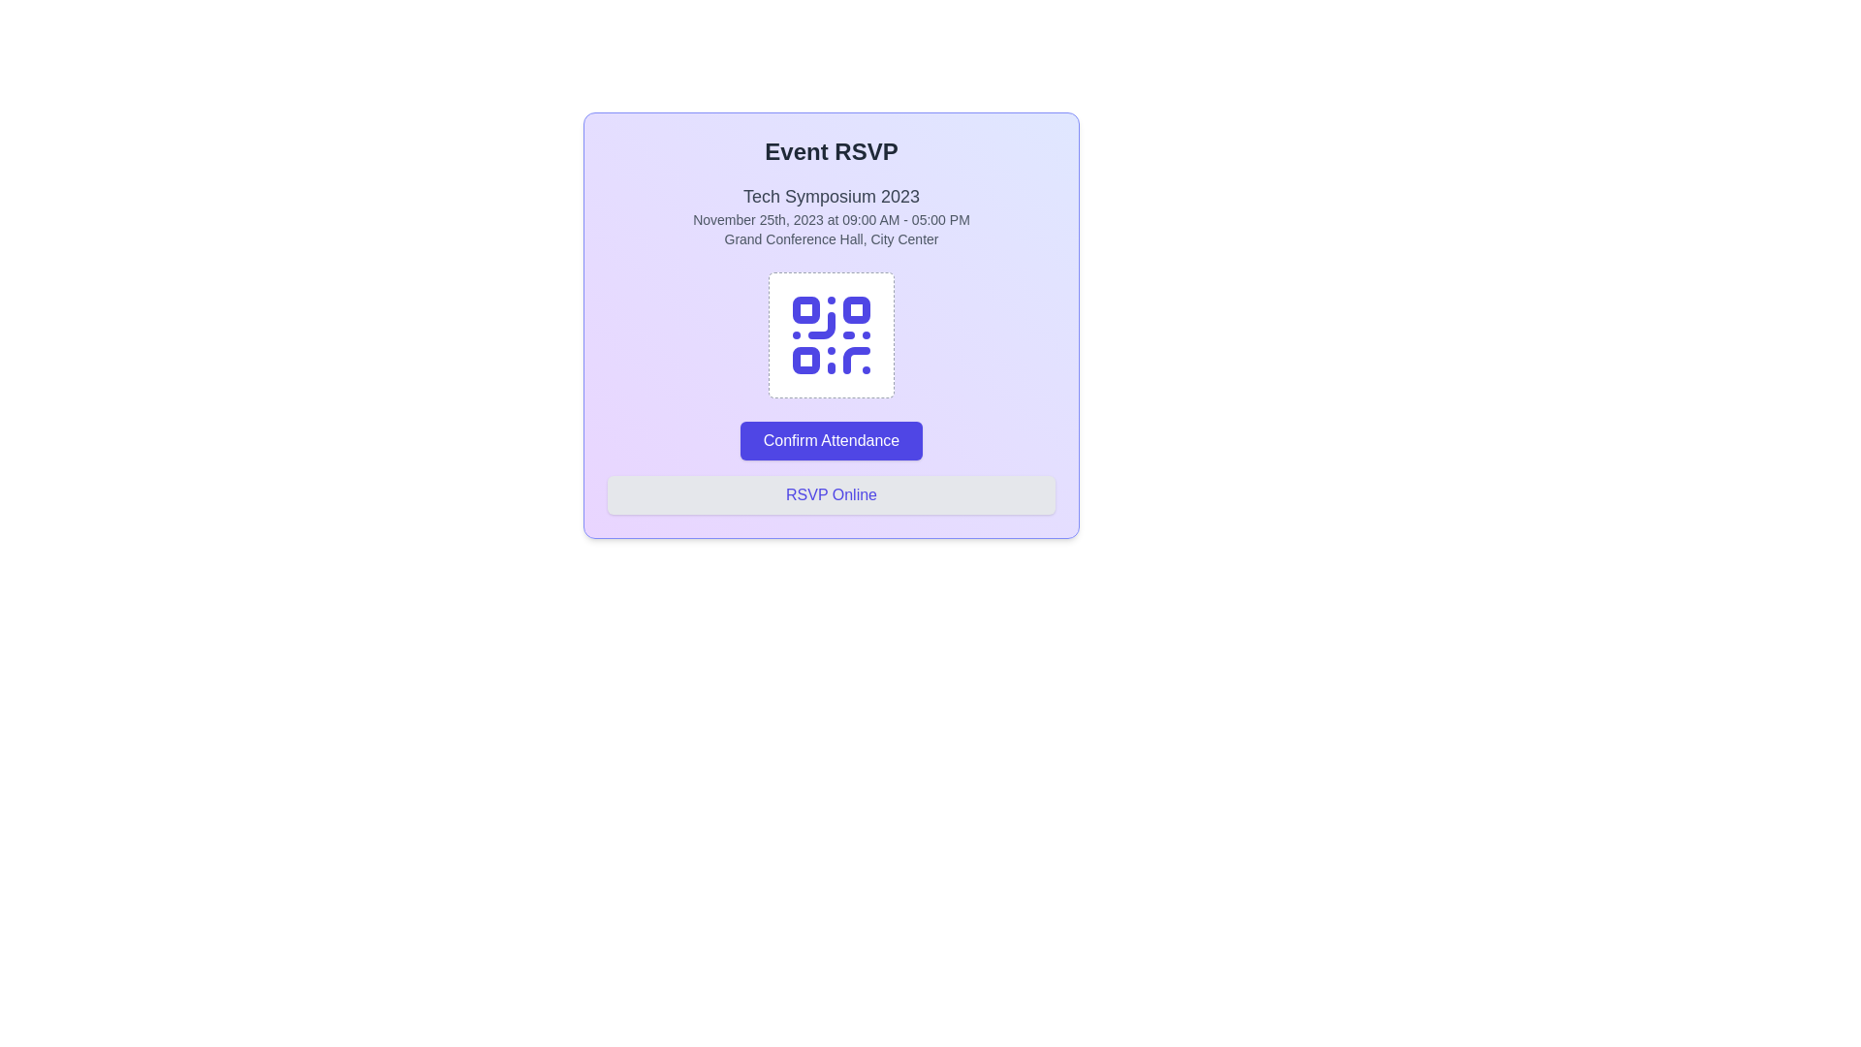 The image size is (1861, 1047). Describe the element at coordinates (832, 493) in the screenshot. I see `the 'RSVP Online' button located at the bottom of the event information card` at that location.